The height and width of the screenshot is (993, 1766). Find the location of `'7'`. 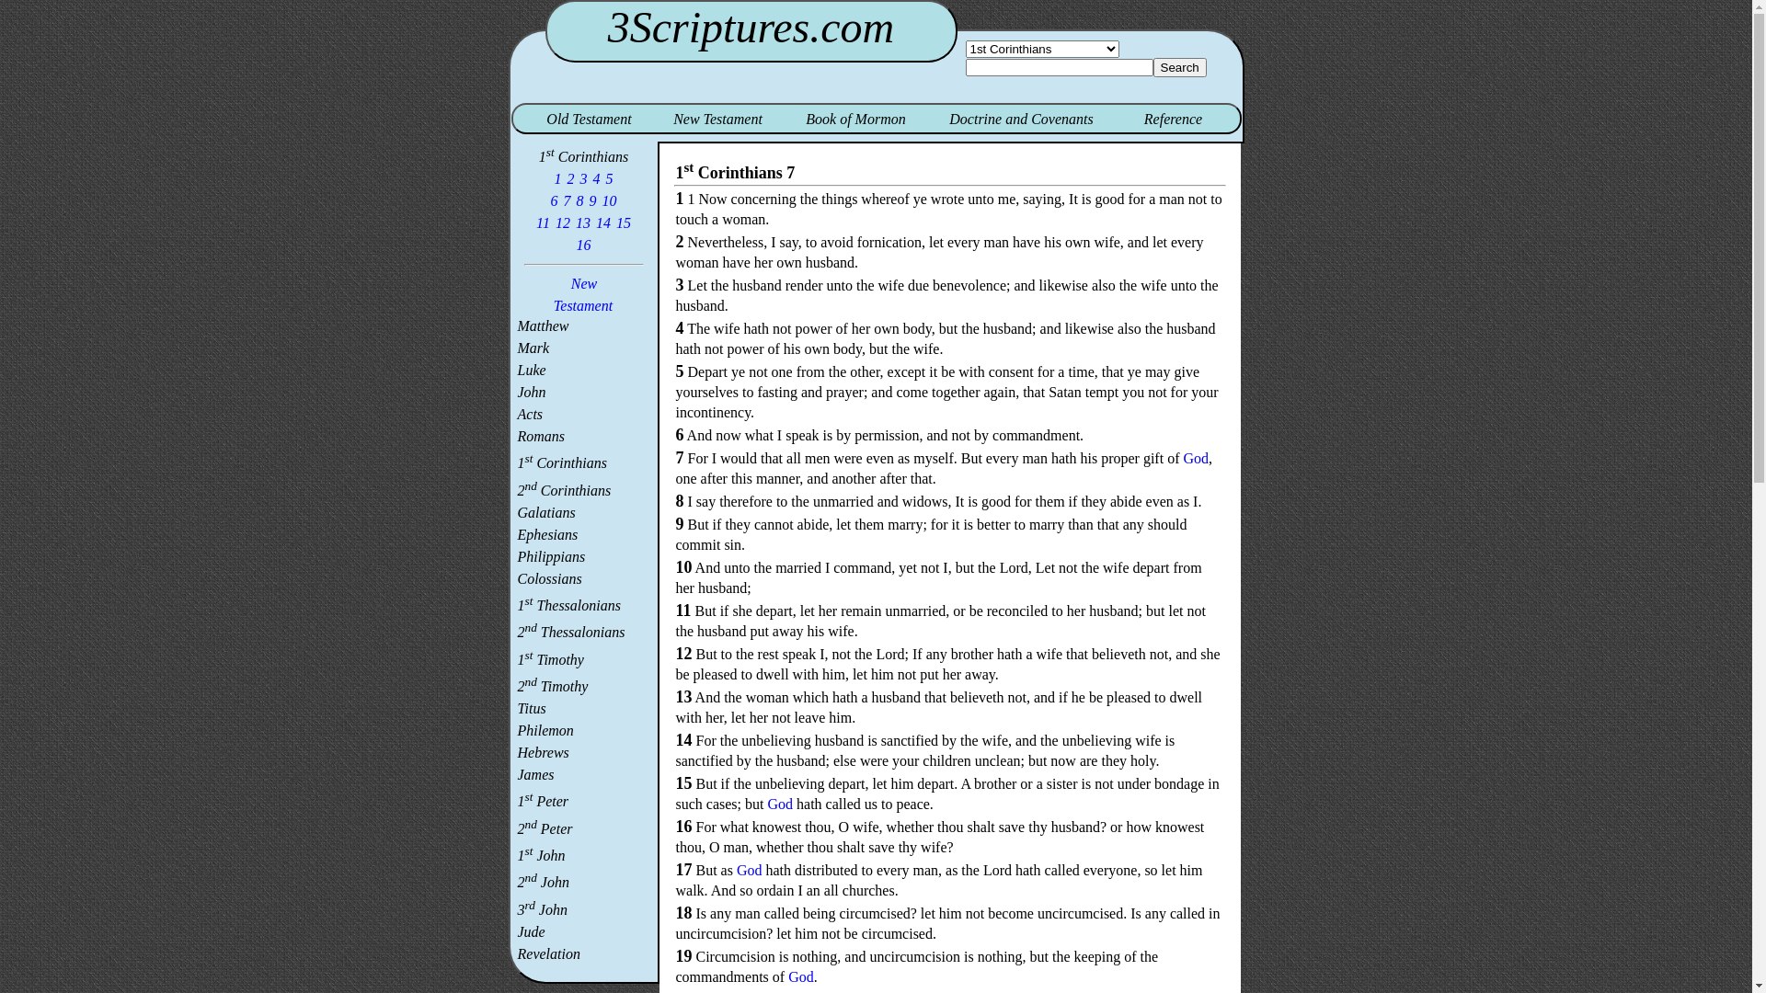

'7' is located at coordinates (567, 200).